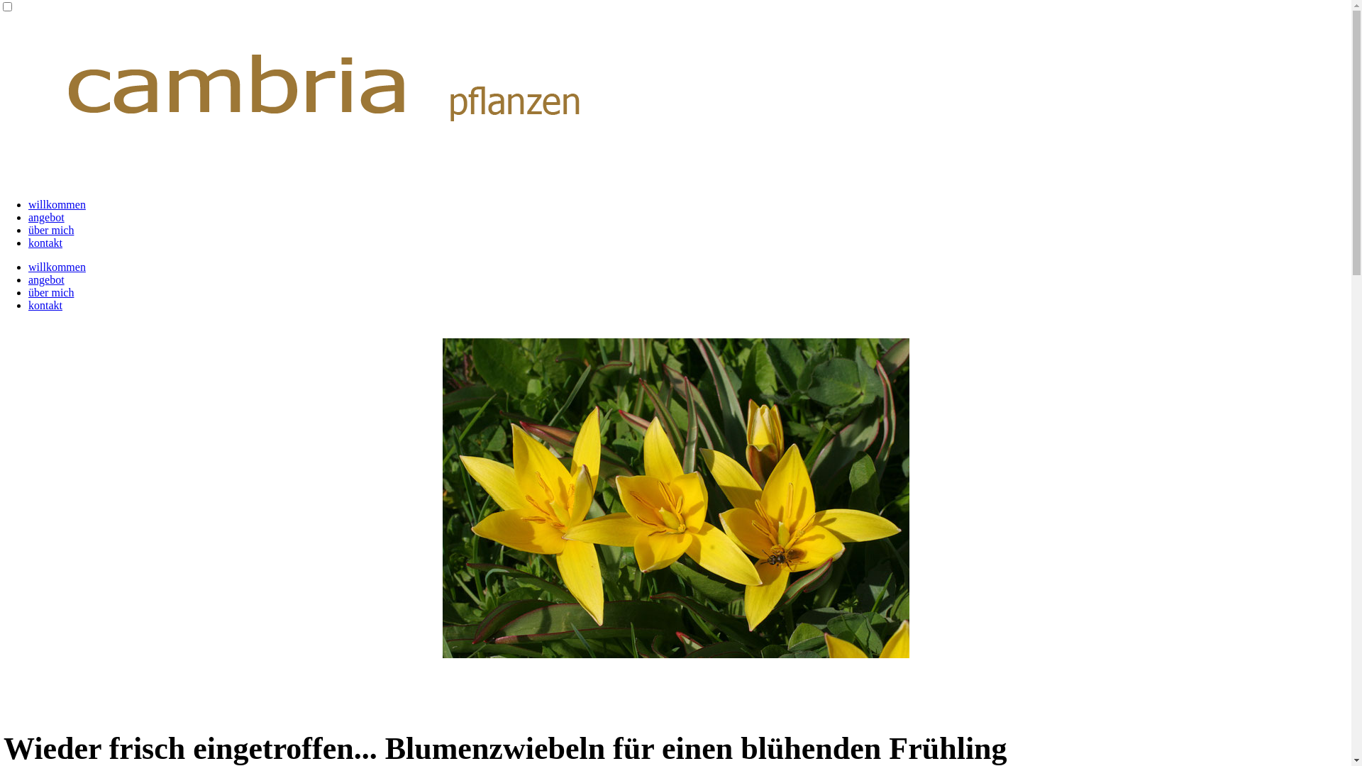  I want to click on 'willkommen', so click(57, 204).